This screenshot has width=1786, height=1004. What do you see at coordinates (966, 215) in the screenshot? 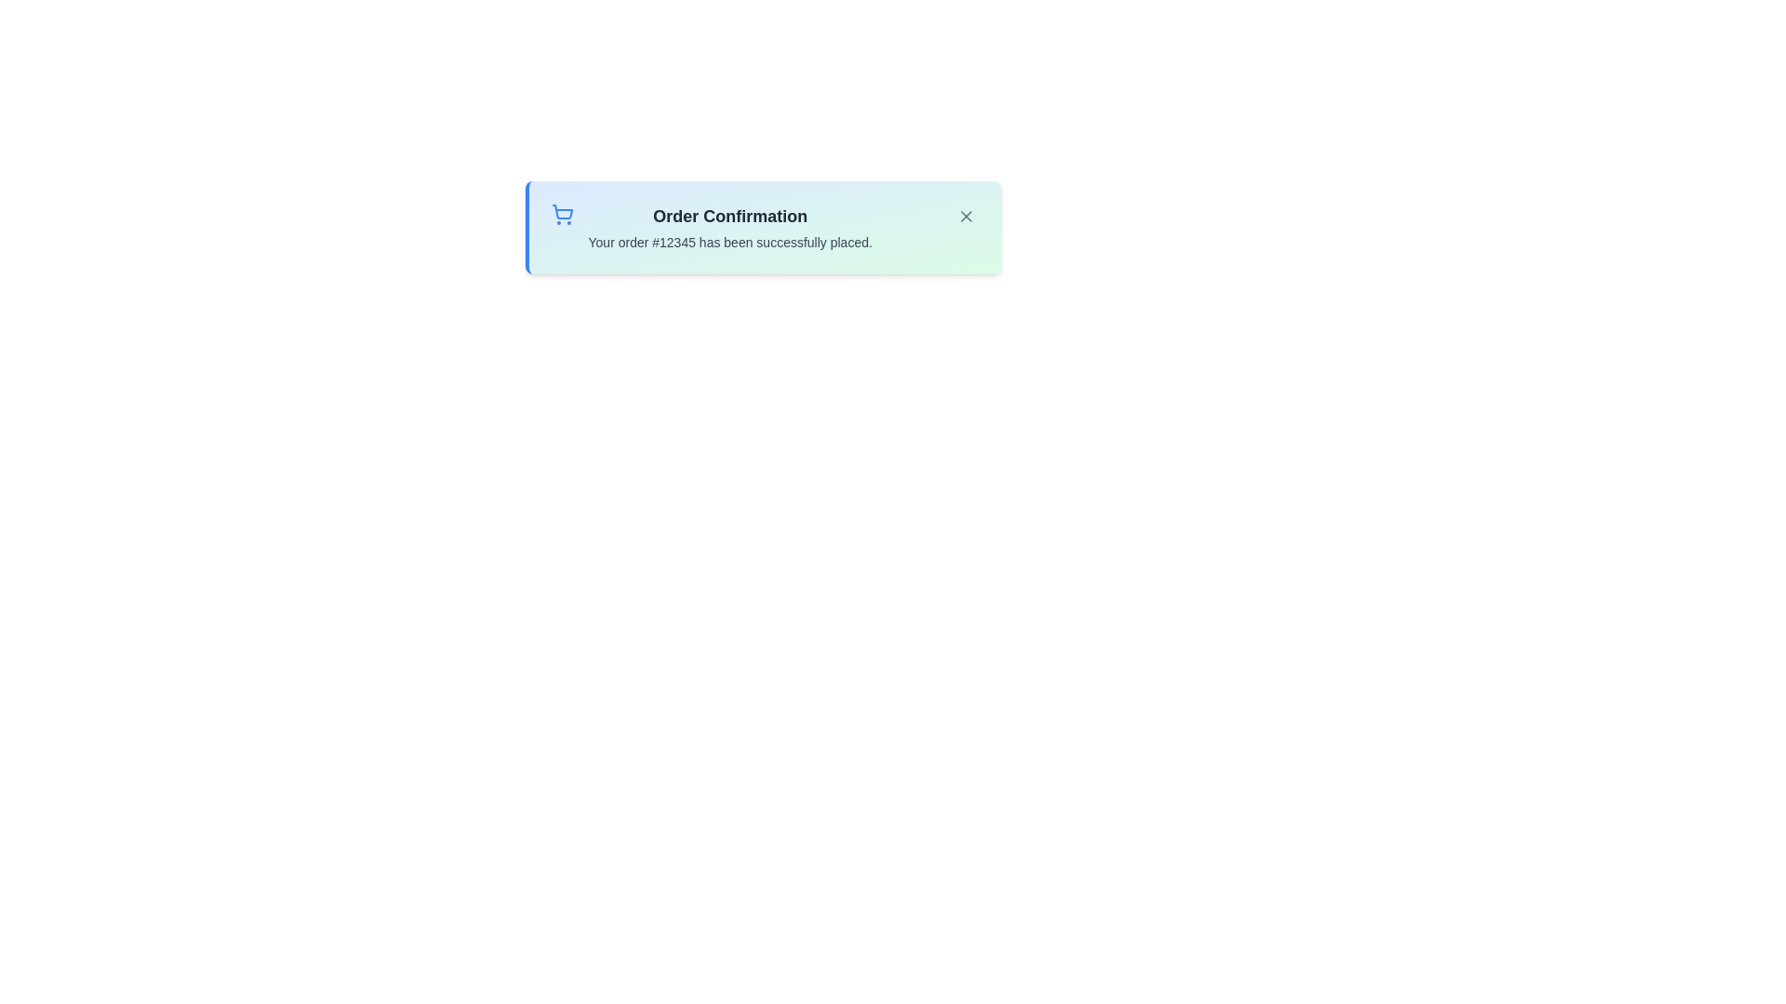
I see `the close button to dismiss the alert` at bounding box center [966, 215].